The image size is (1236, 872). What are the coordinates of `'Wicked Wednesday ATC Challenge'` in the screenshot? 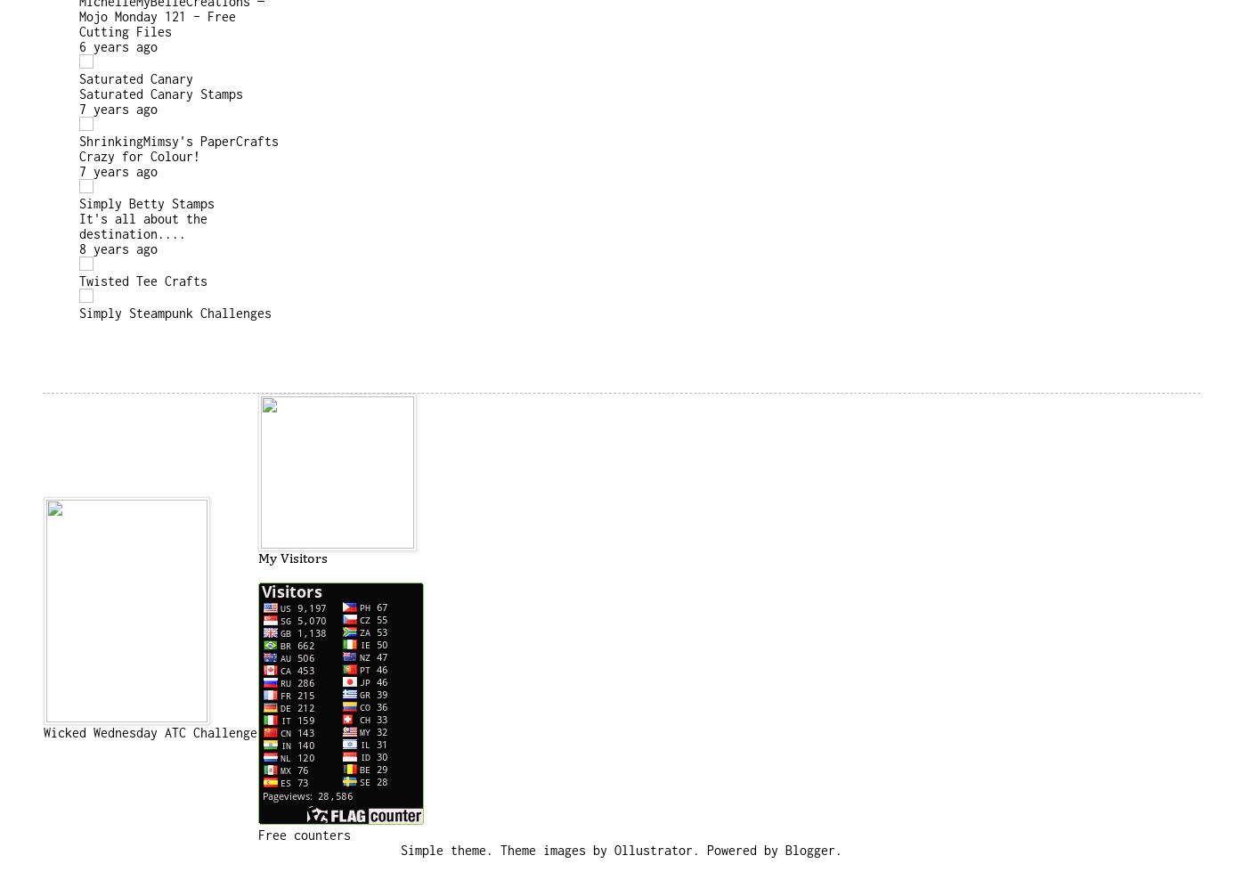 It's located at (150, 730).